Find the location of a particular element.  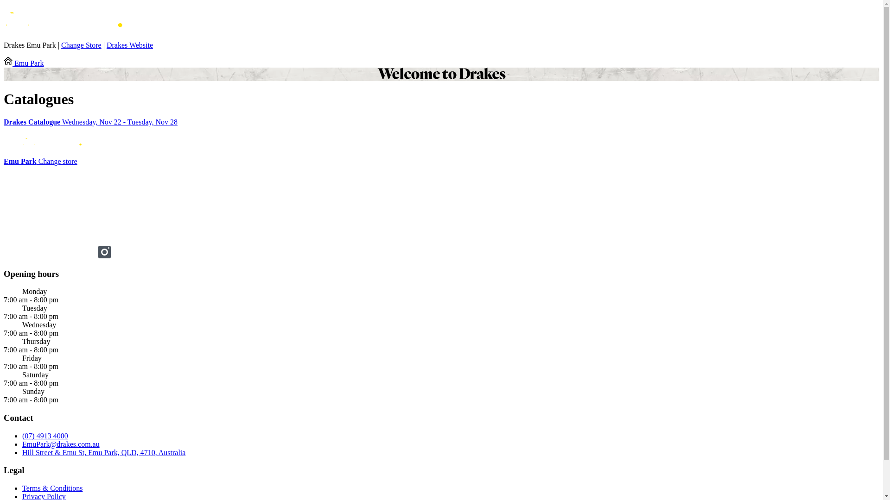

'Drakes Website' is located at coordinates (129, 45).